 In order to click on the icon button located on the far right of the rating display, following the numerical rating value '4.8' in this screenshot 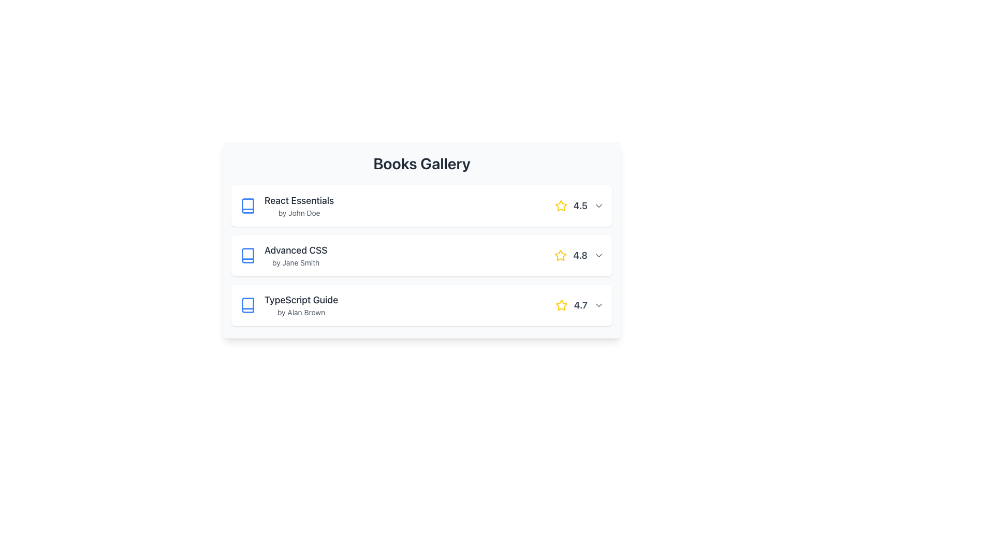, I will do `click(598, 255)`.